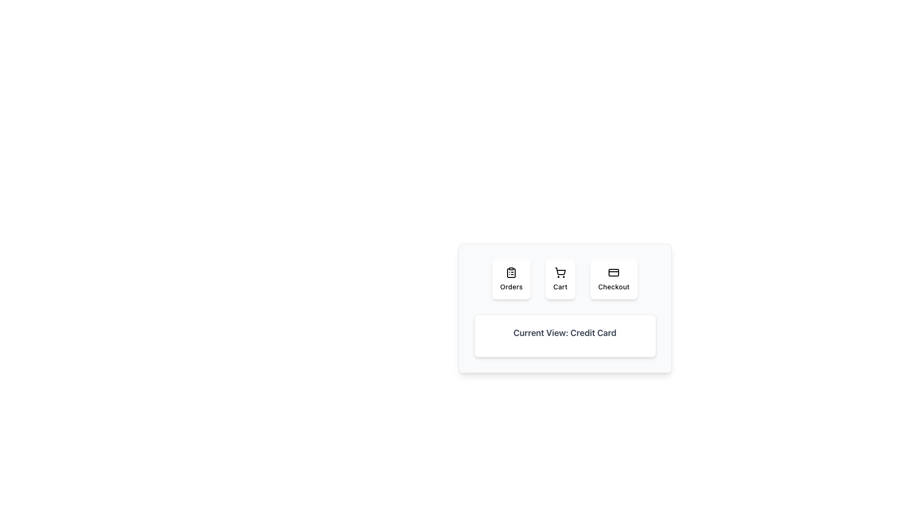 The height and width of the screenshot is (514, 915). What do you see at coordinates (614, 273) in the screenshot?
I see `the main rectangular body of the credit card icon, which visually represents the body of a credit card in the Checkout icon` at bounding box center [614, 273].